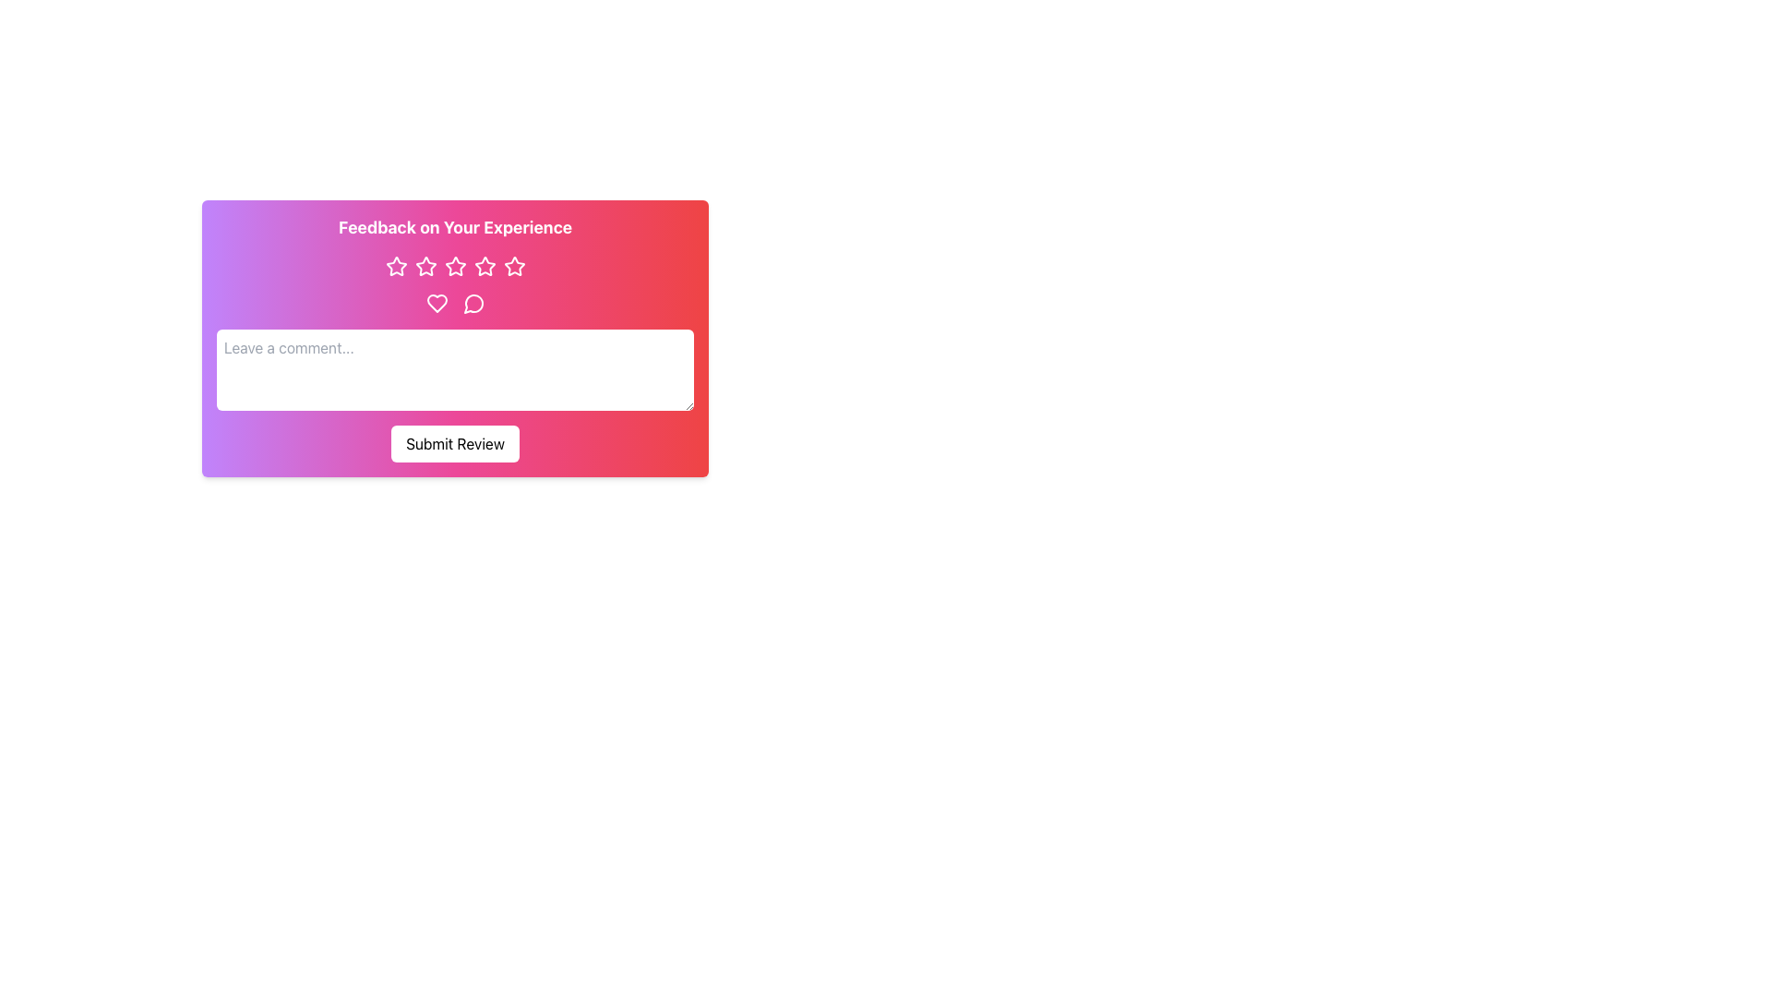 The width and height of the screenshot is (1772, 997). What do you see at coordinates (485, 266) in the screenshot?
I see `the fourth star in the rating scale, which is part of a feedback card titled 'Feedback on Your Experience'` at bounding box center [485, 266].